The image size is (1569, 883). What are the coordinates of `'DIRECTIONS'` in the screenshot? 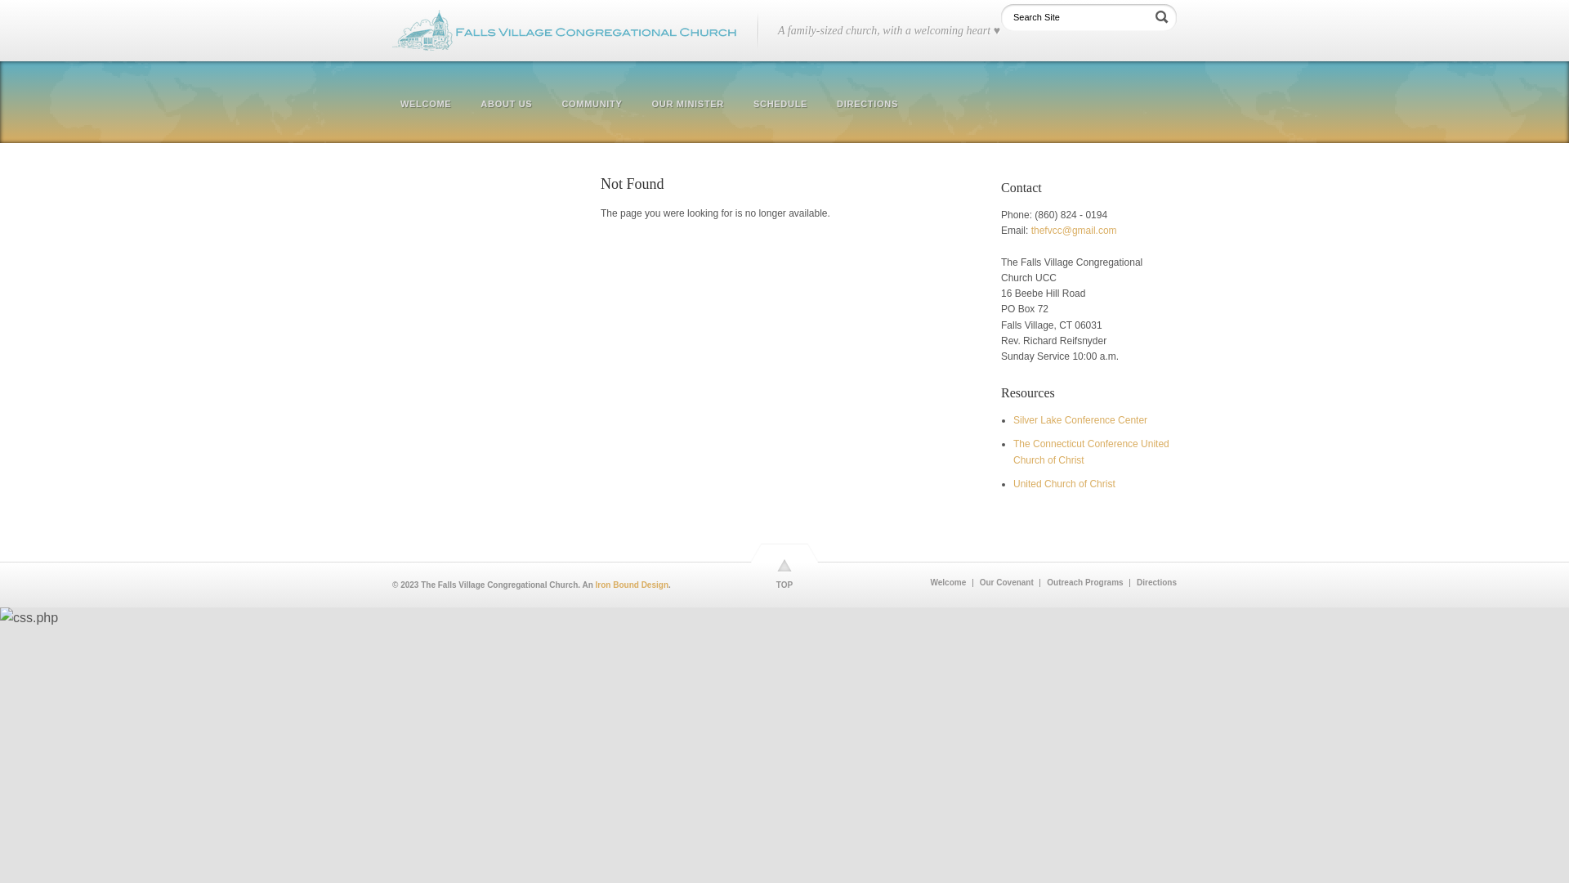 It's located at (866, 104).